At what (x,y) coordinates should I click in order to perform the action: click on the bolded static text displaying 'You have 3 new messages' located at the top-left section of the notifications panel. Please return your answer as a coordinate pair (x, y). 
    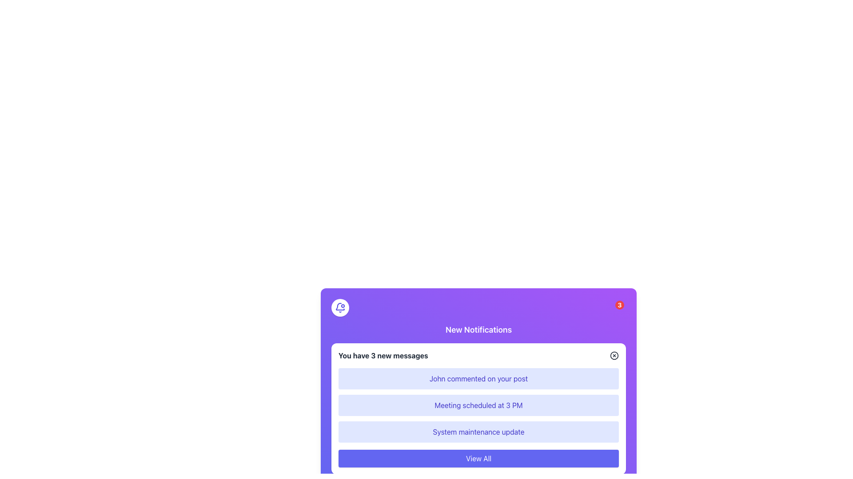
    Looking at the image, I should click on (383, 355).